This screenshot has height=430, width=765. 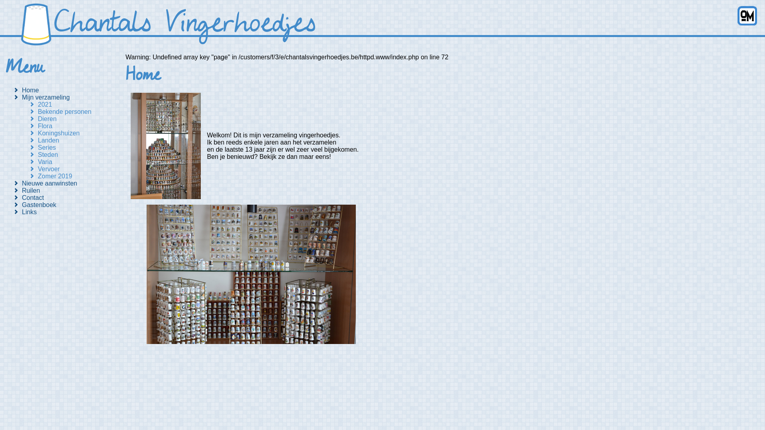 I want to click on 'Dieren', so click(x=76, y=119).